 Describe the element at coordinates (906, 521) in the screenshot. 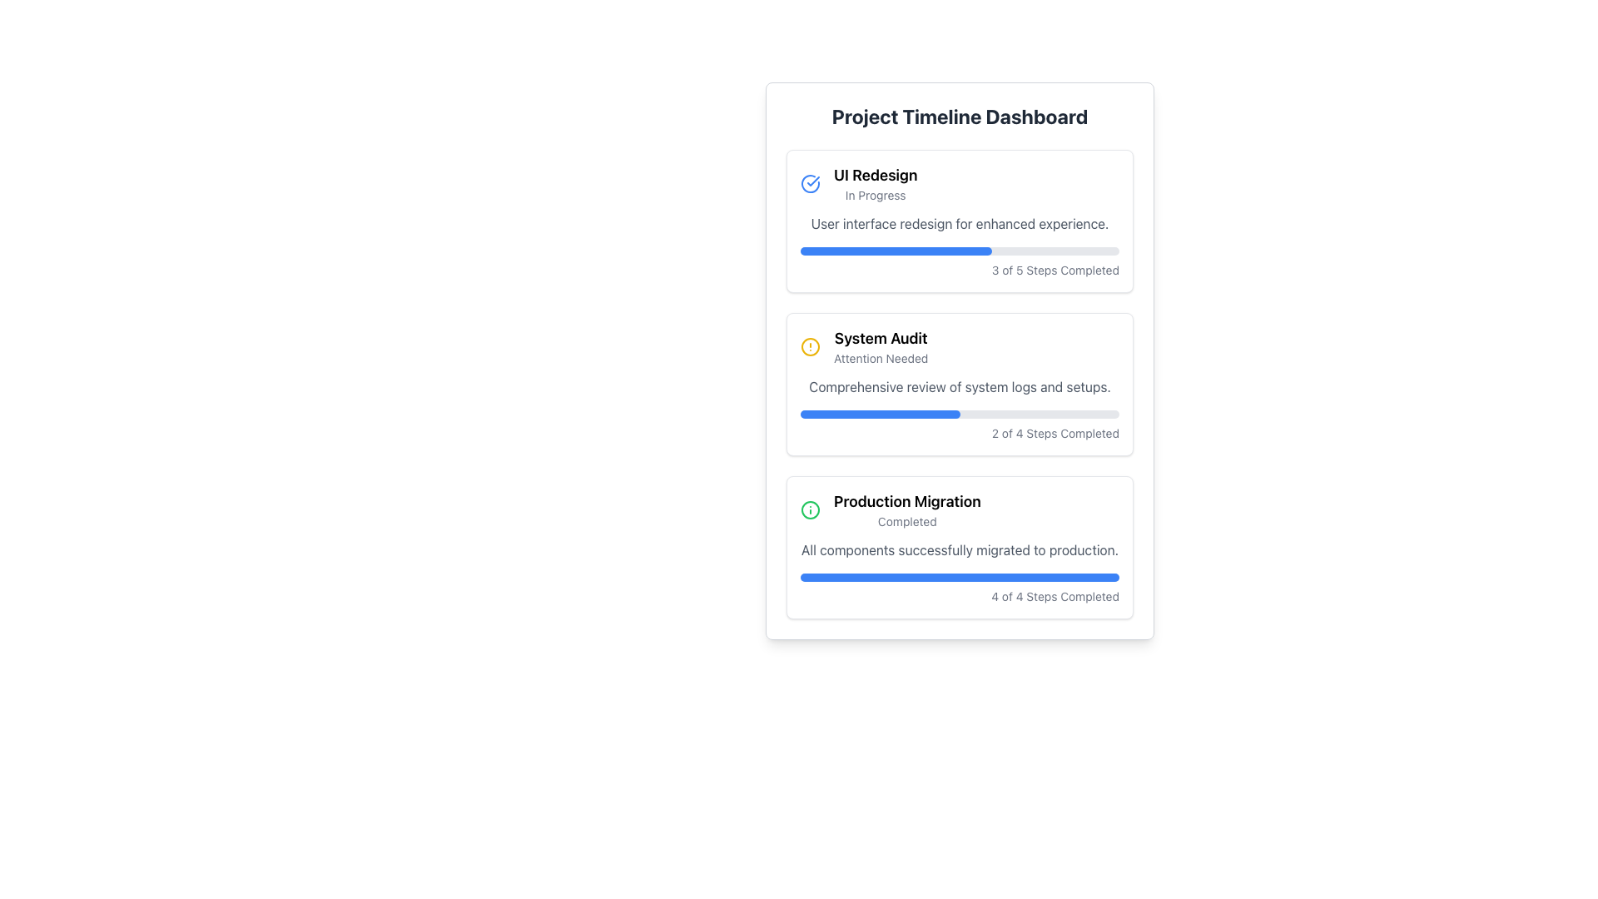

I see `the 'Completed' text label, which is styled in gray and positioned below the 'Production Migration' text in the summary section` at that location.